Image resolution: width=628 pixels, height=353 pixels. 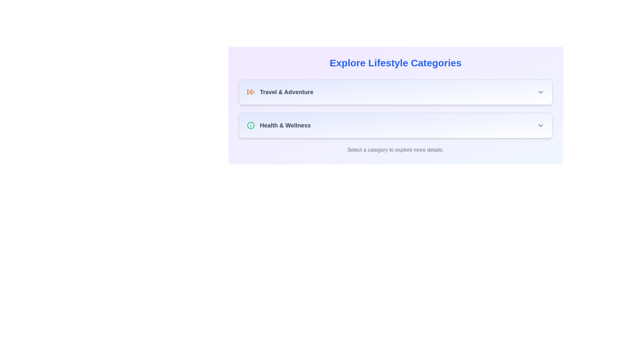 I want to click on the downwards-facing chevron symbol, styled gray, located at the rightmost end of the 'Travel & Adventure' bar, so click(x=540, y=92).